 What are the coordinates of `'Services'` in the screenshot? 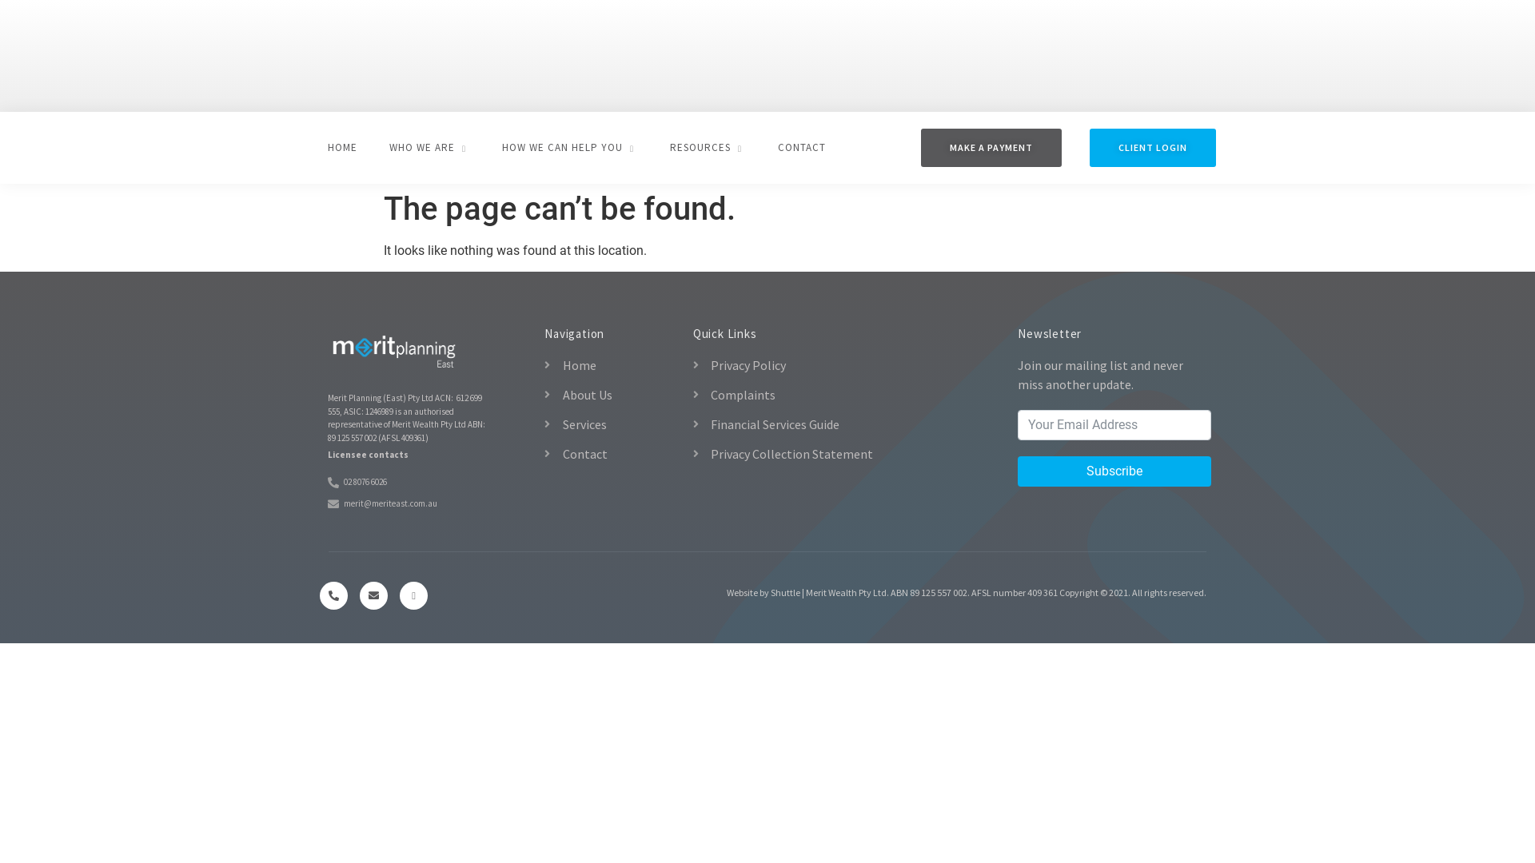 It's located at (609, 424).